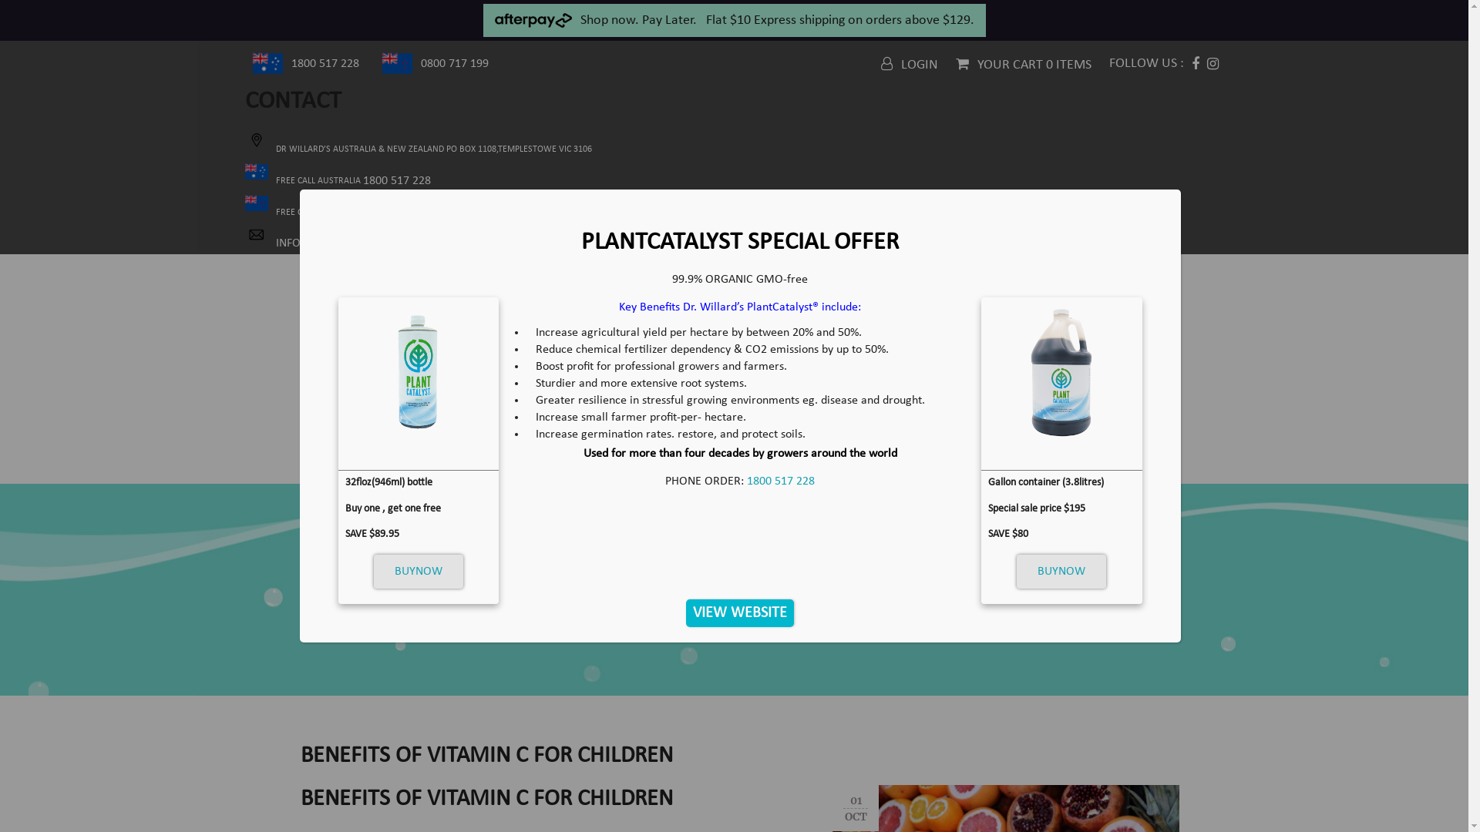 The image size is (1480, 832). Describe the element at coordinates (454, 63) in the screenshot. I see `'0800 717 199'` at that location.